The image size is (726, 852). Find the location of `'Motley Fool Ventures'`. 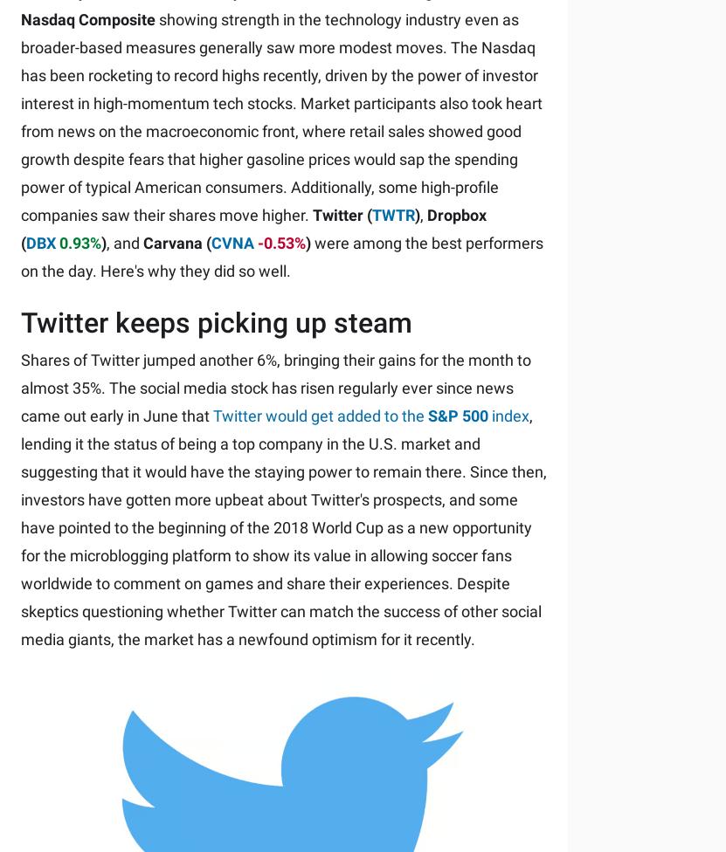

'Motley Fool Ventures' is located at coordinates (242, 647).